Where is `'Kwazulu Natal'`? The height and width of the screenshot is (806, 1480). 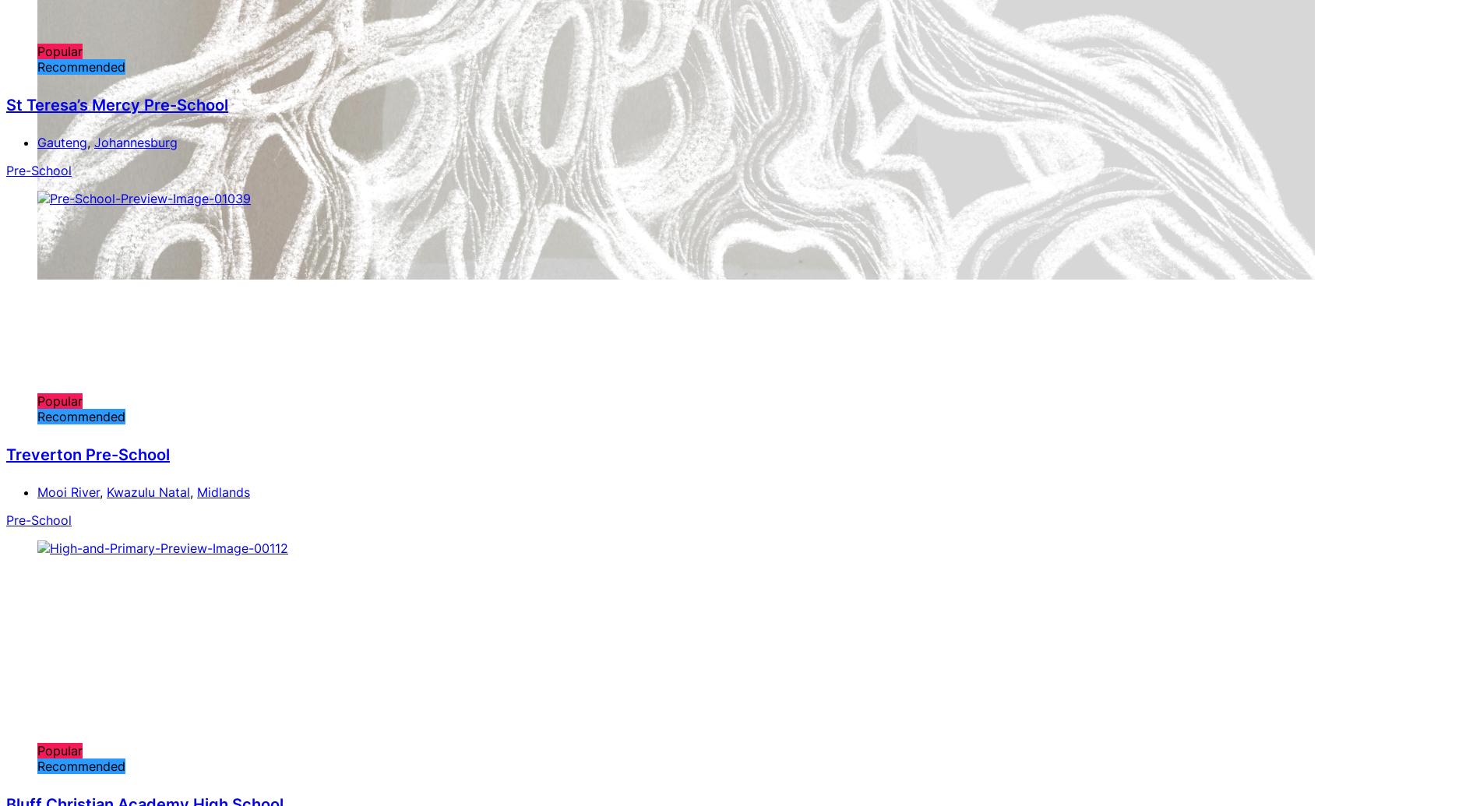 'Kwazulu Natal' is located at coordinates (148, 491).